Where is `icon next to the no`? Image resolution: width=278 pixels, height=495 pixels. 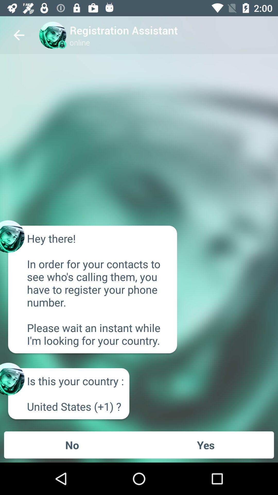 icon next to the no is located at coordinates (205, 444).